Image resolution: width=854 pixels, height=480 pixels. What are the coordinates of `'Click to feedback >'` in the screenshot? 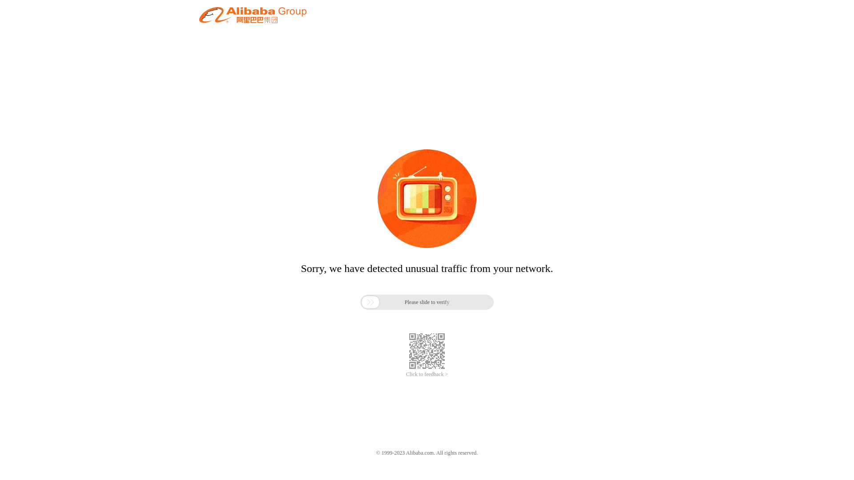 It's located at (427, 374).